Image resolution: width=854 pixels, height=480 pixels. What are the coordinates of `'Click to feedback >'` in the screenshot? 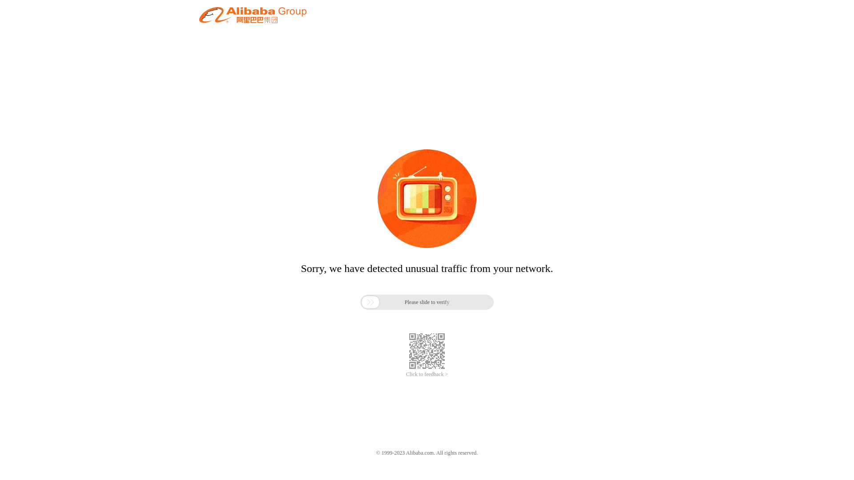 It's located at (427, 374).